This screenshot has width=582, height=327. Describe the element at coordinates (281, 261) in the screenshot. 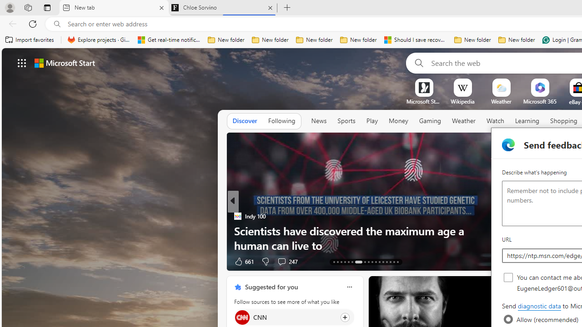

I see `'View comments 247 Comment'` at that location.